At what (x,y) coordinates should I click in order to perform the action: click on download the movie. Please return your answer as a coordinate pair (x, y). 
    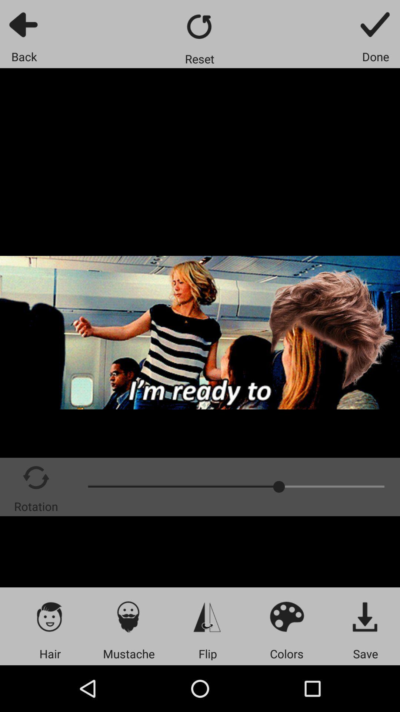
    Looking at the image, I should click on (365, 616).